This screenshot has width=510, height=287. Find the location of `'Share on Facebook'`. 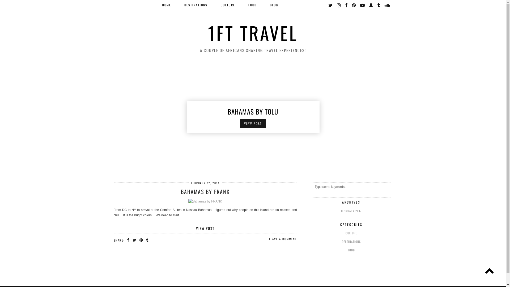

'Share on Facebook' is located at coordinates (128, 240).